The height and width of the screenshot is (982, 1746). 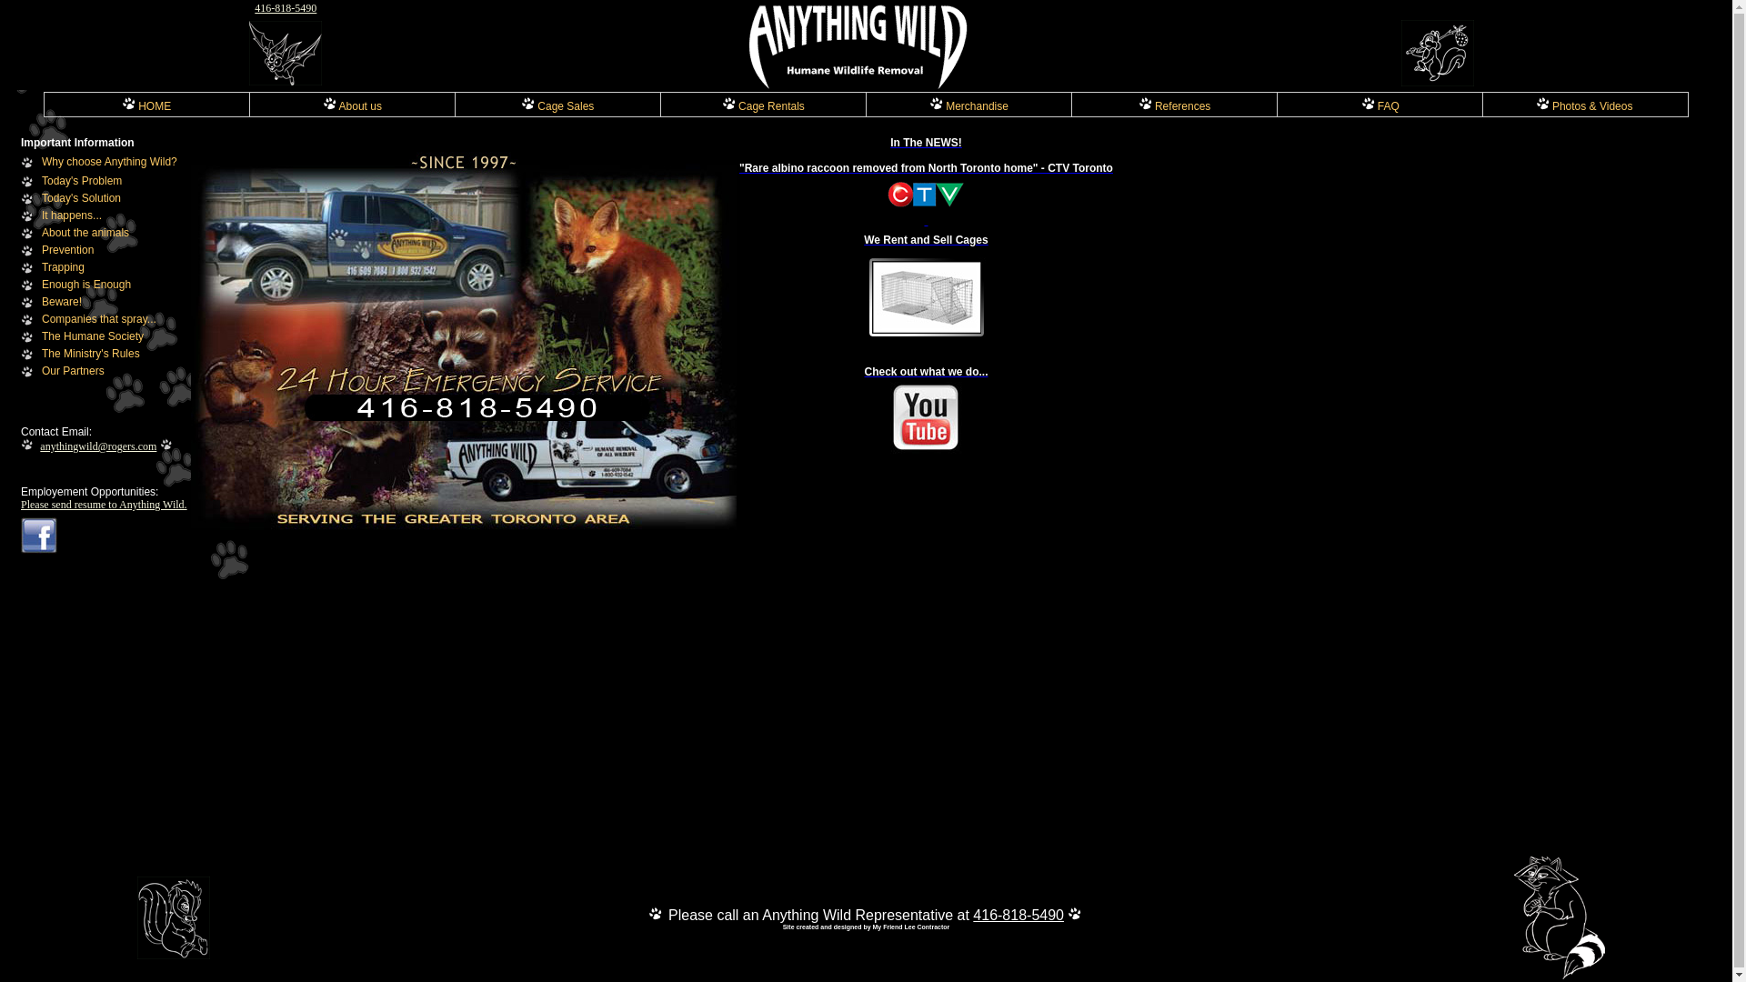 What do you see at coordinates (61, 300) in the screenshot?
I see `'Beware!'` at bounding box center [61, 300].